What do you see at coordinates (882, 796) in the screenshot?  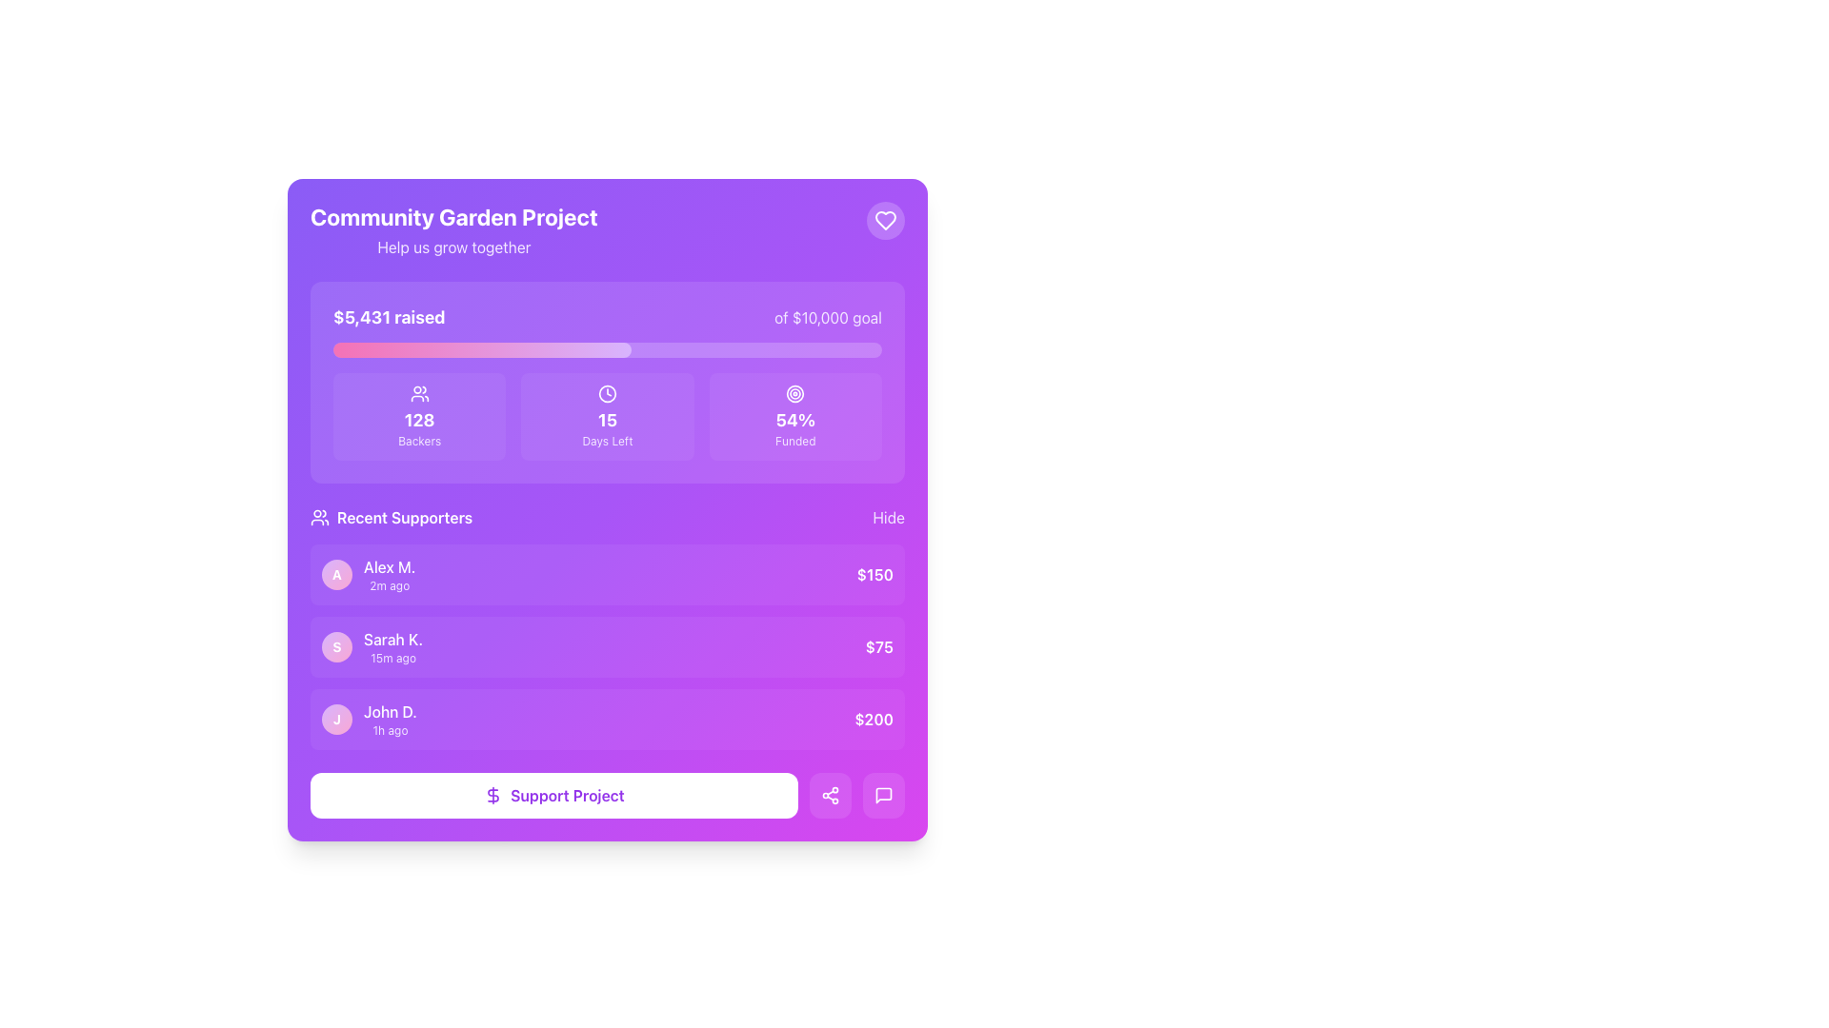 I see `the message or comment button located in the lower-right corner of the 'Support Project' section, which is the third button from the right` at bounding box center [882, 796].